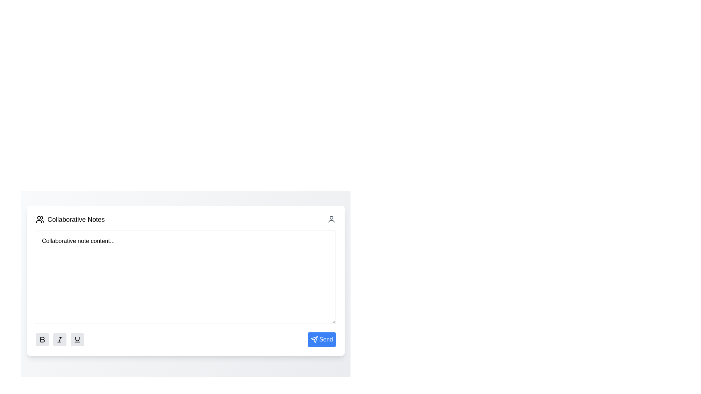 This screenshot has height=394, width=701. Describe the element at coordinates (321, 339) in the screenshot. I see `the blue button with white text 'Send' that has a paper plane icon` at that location.